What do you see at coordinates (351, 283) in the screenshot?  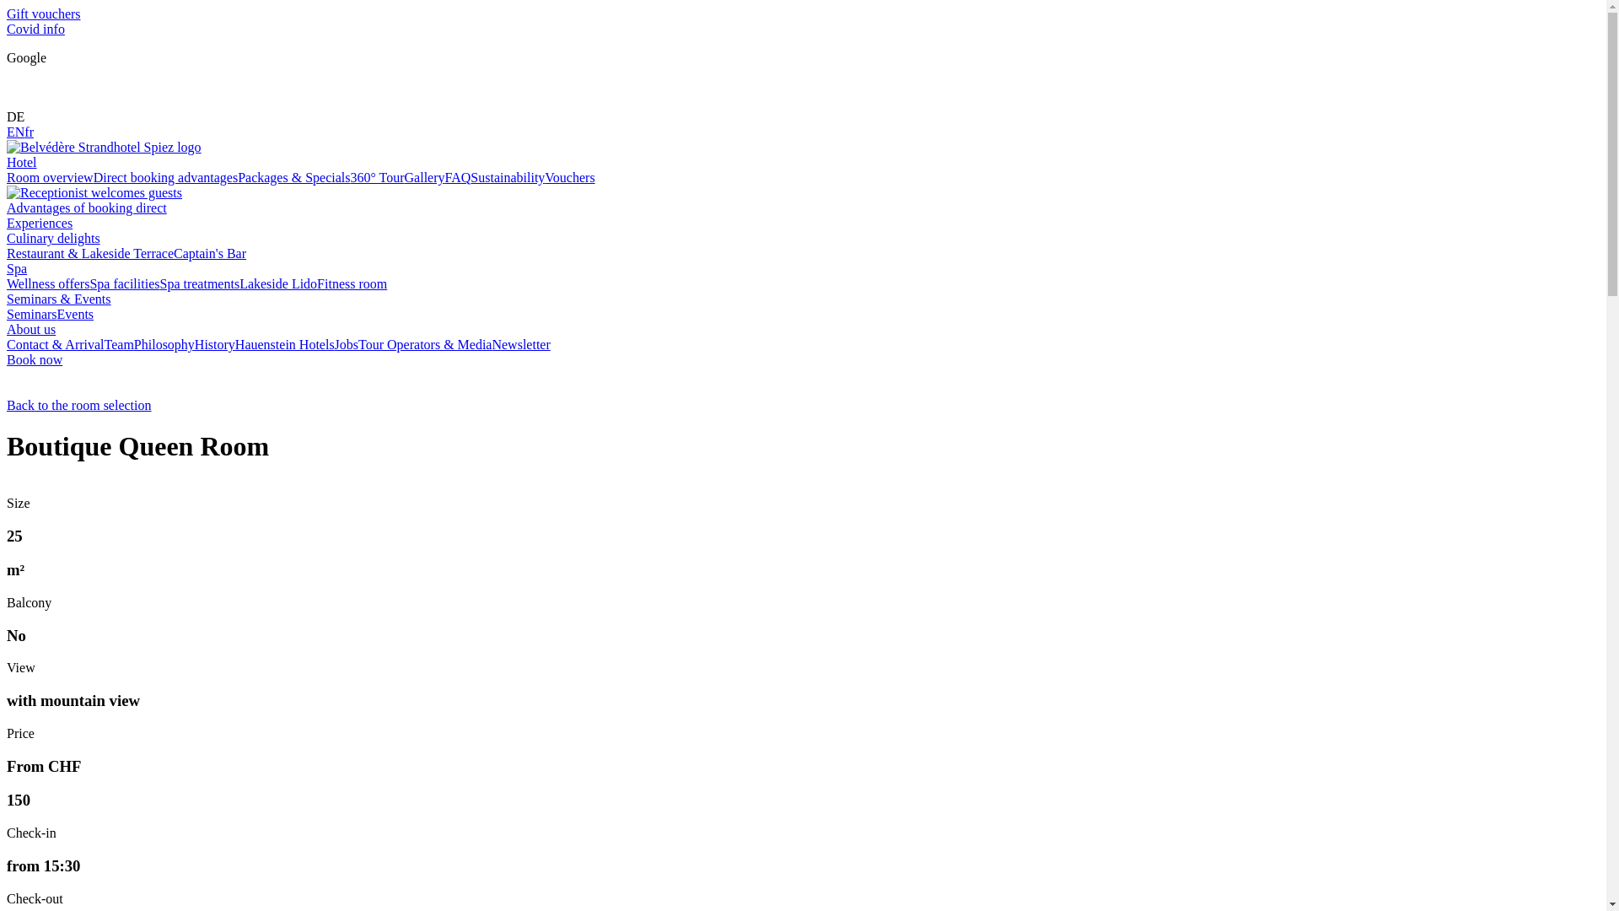 I see `'Fitness room'` at bounding box center [351, 283].